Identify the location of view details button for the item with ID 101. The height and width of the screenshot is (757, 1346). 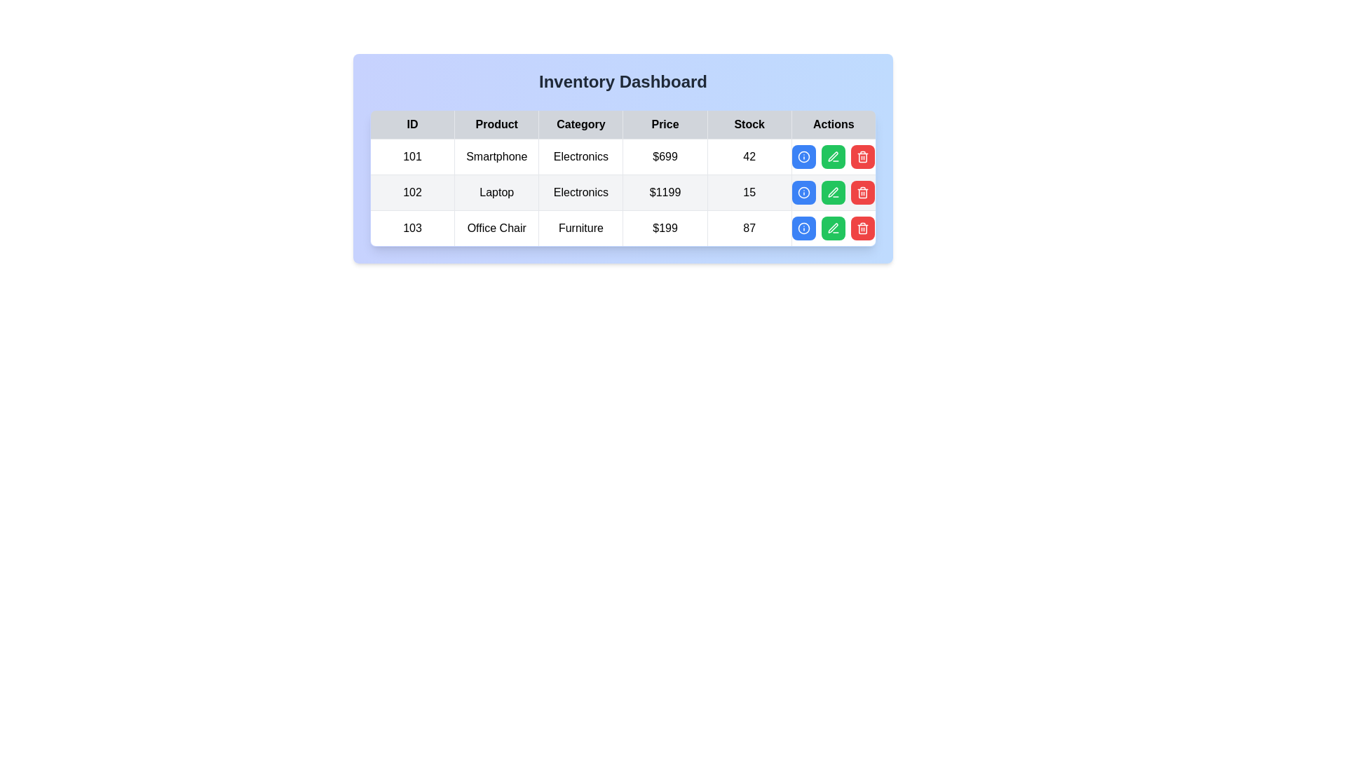
(804, 156).